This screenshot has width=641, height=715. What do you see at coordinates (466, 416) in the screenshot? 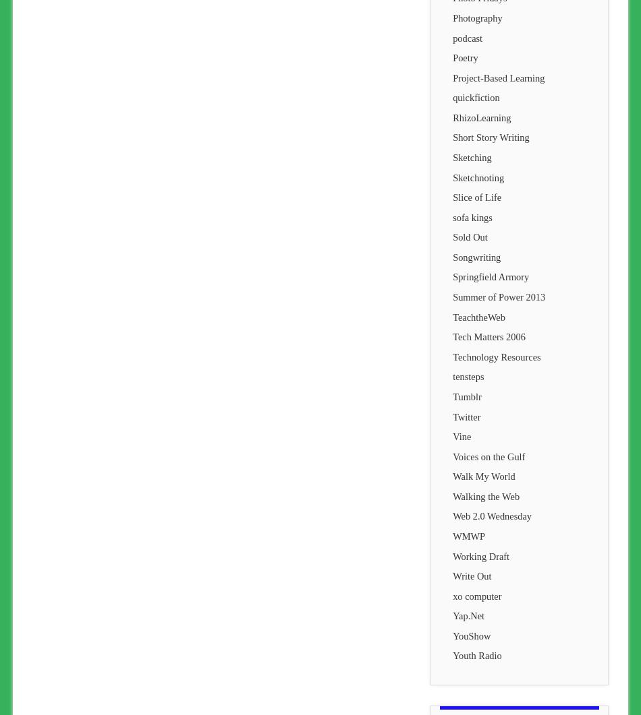
I see `'Twitter'` at bounding box center [466, 416].